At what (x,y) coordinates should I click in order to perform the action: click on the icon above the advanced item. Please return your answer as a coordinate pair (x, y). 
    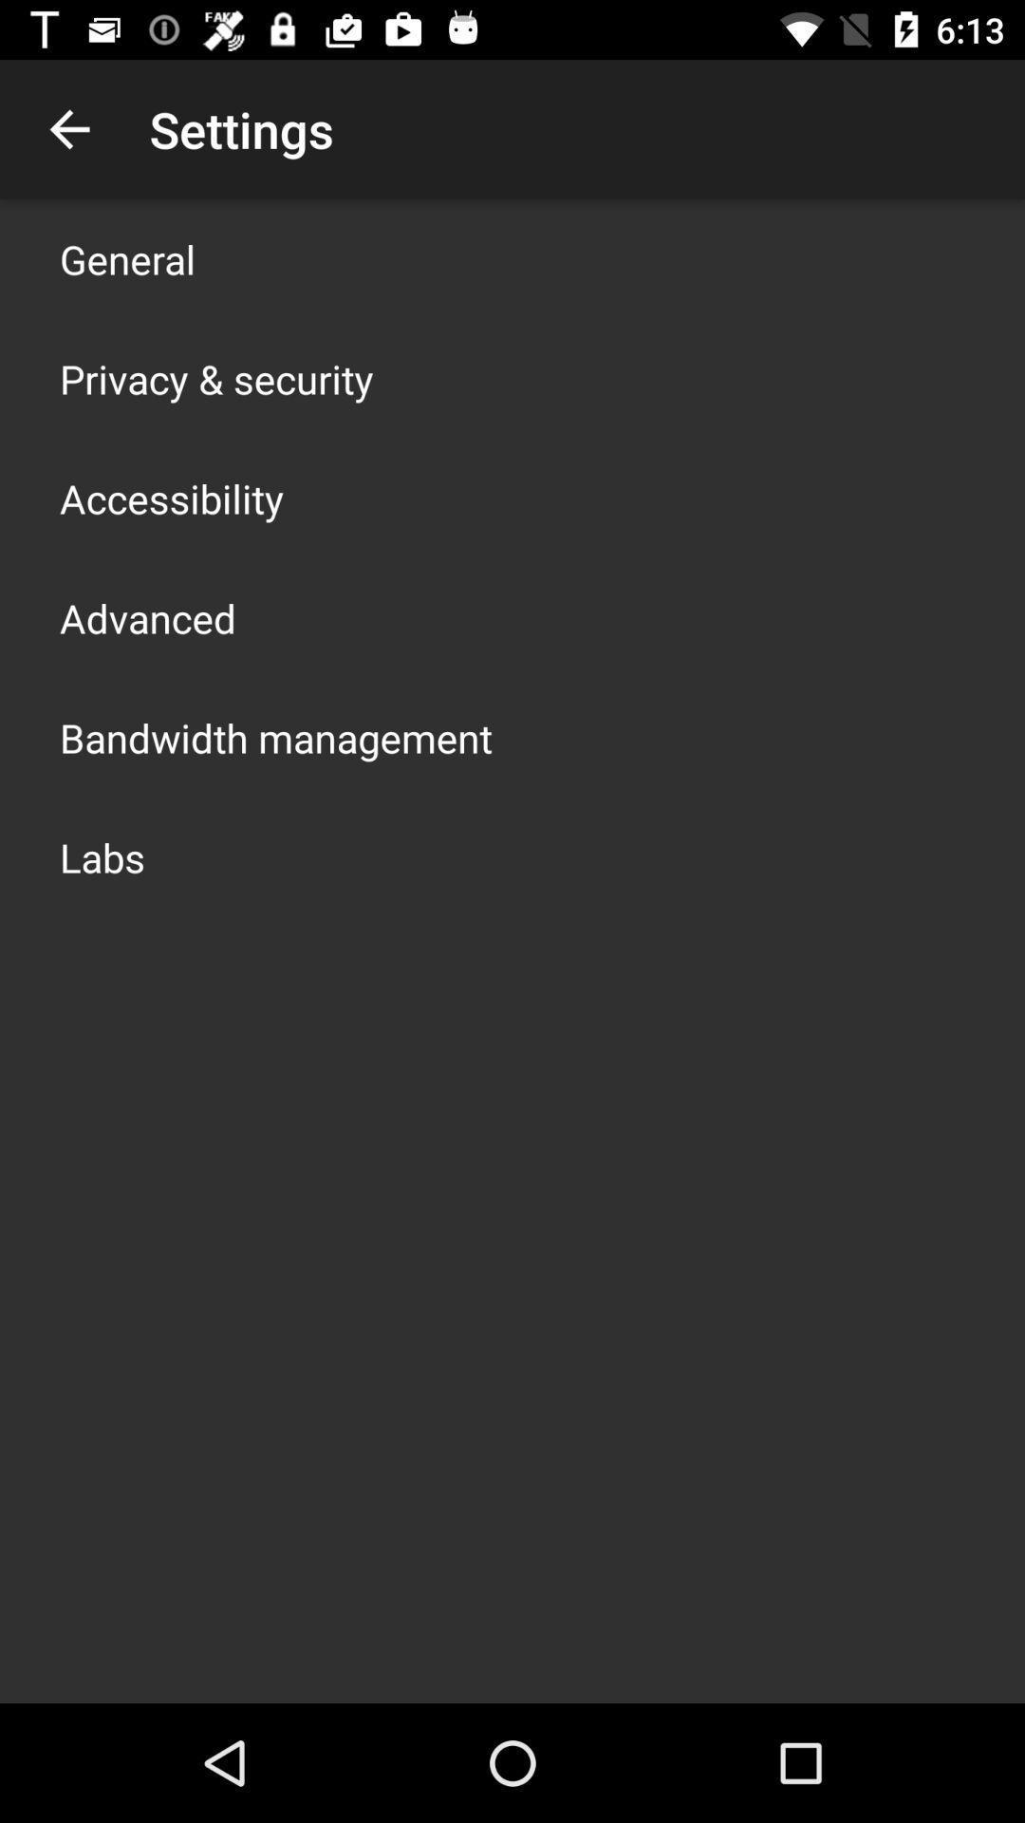
    Looking at the image, I should click on (172, 498).